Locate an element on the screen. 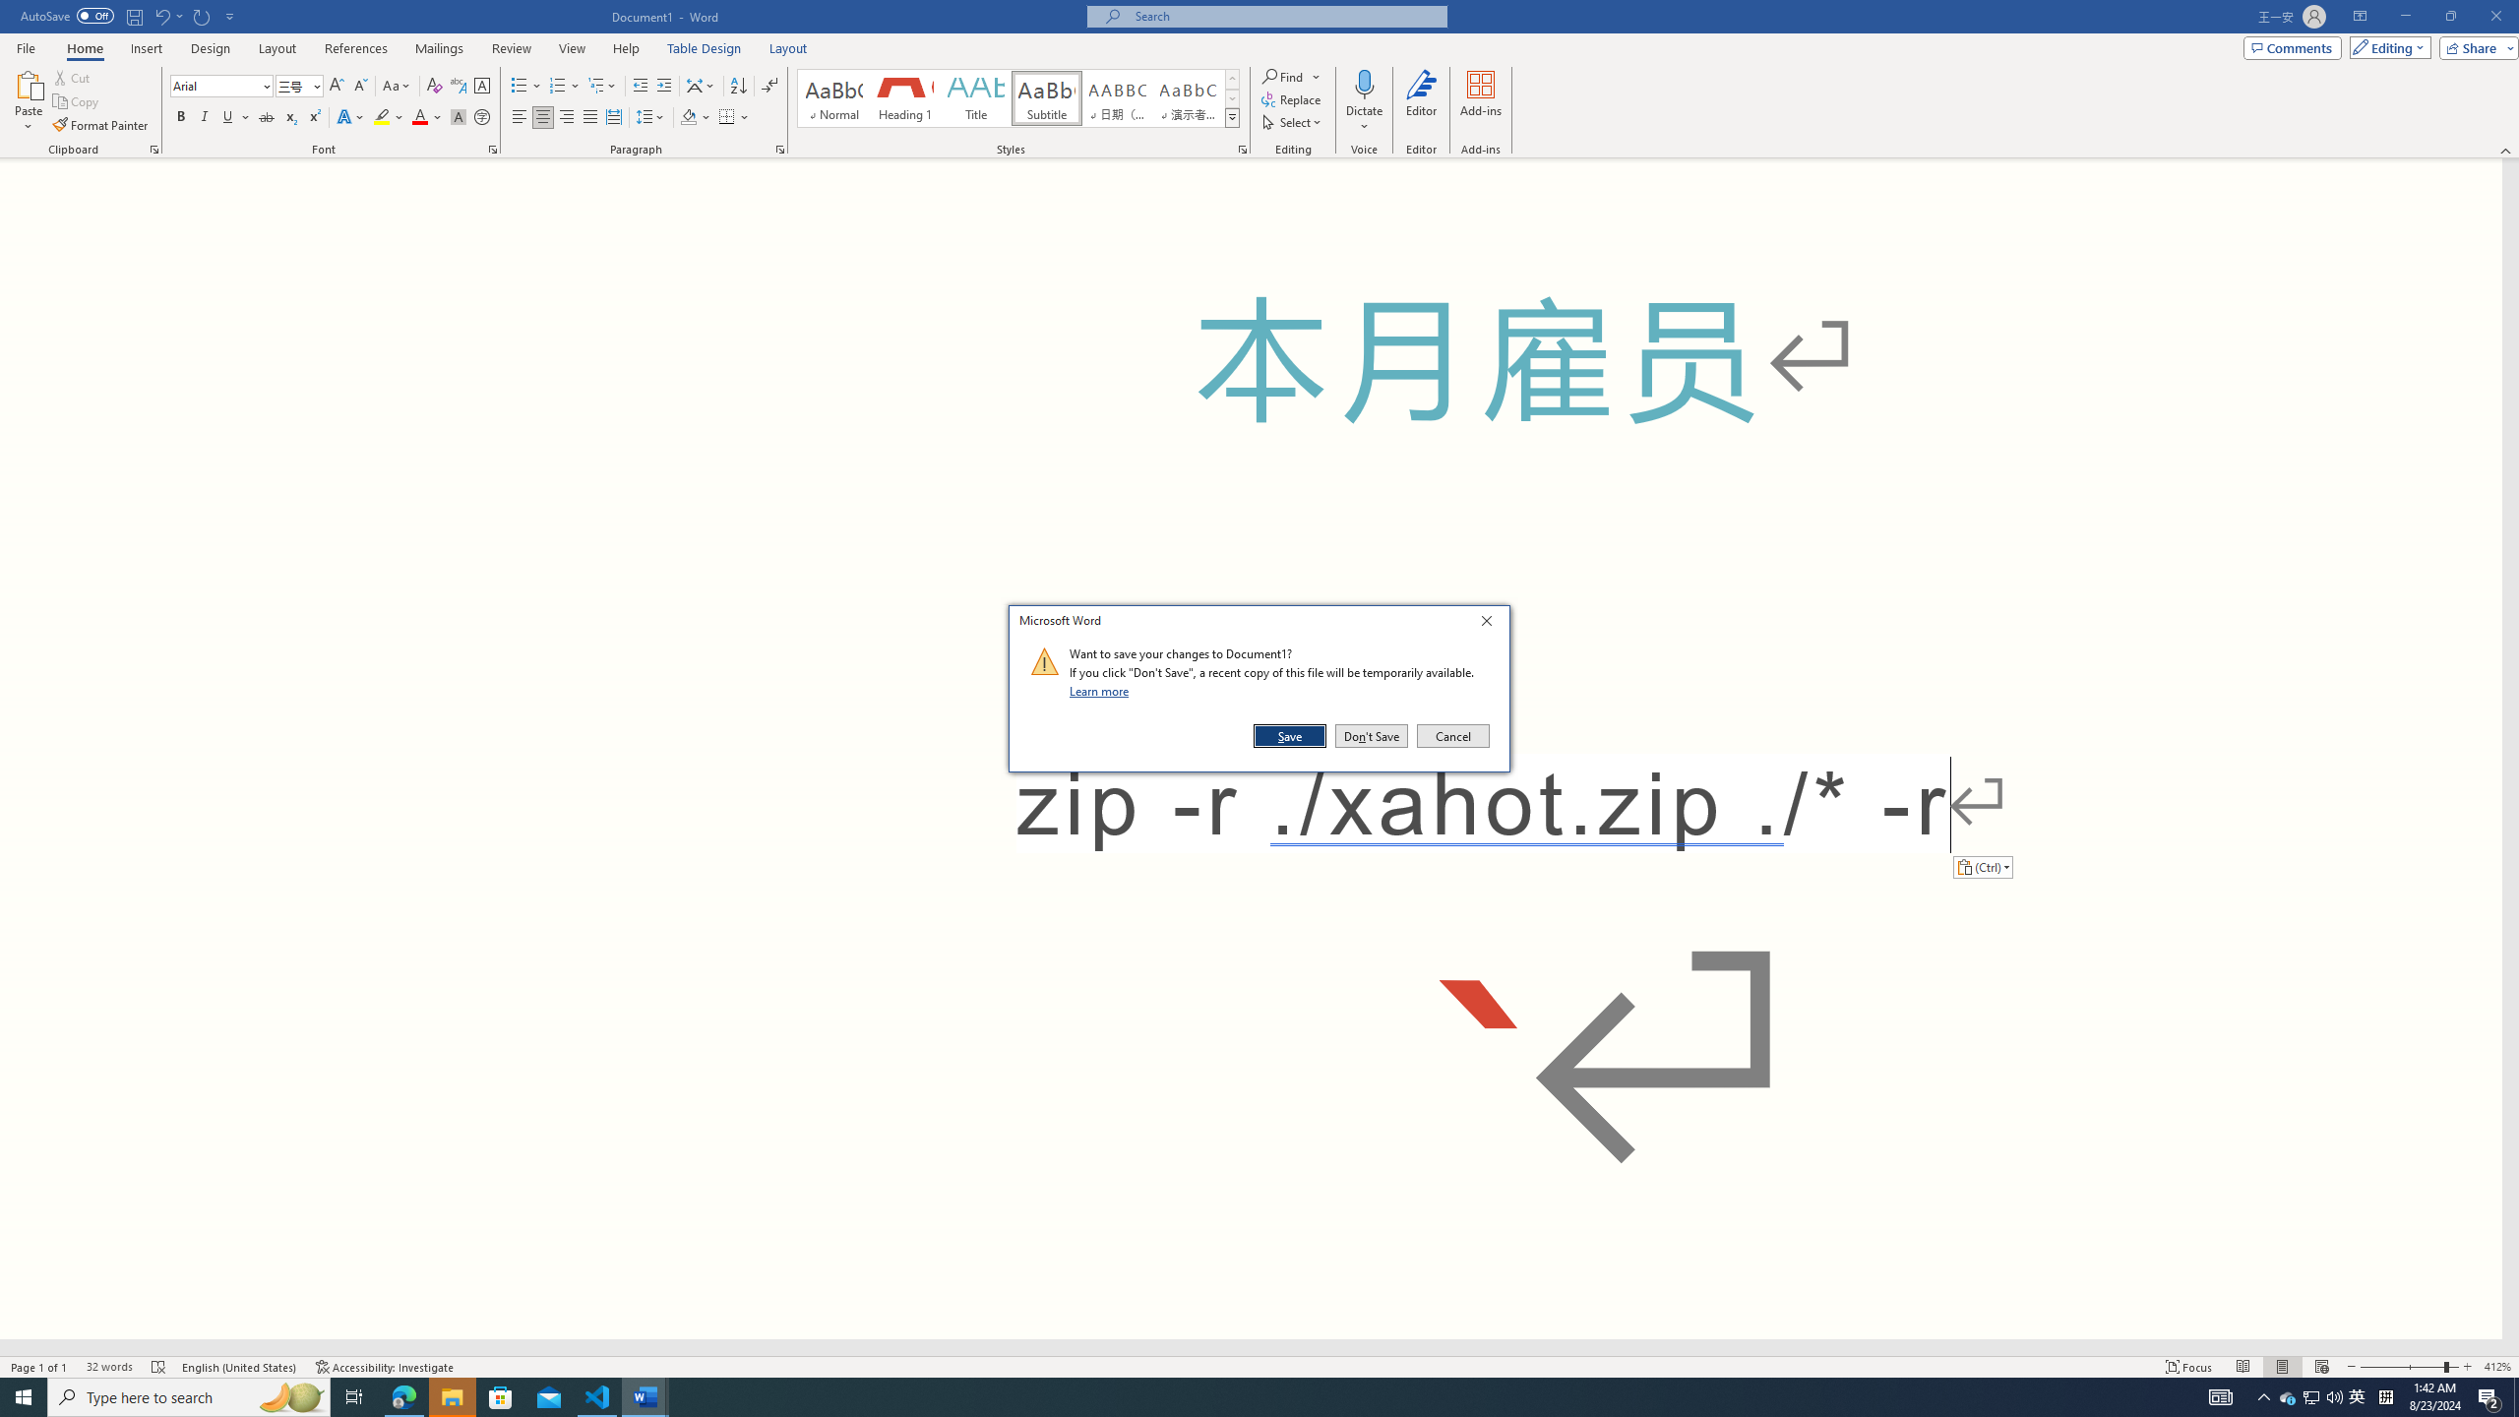 This screenshot has width=2519, height=1417. 'Replace...' is located at coordinates (1292, 97).